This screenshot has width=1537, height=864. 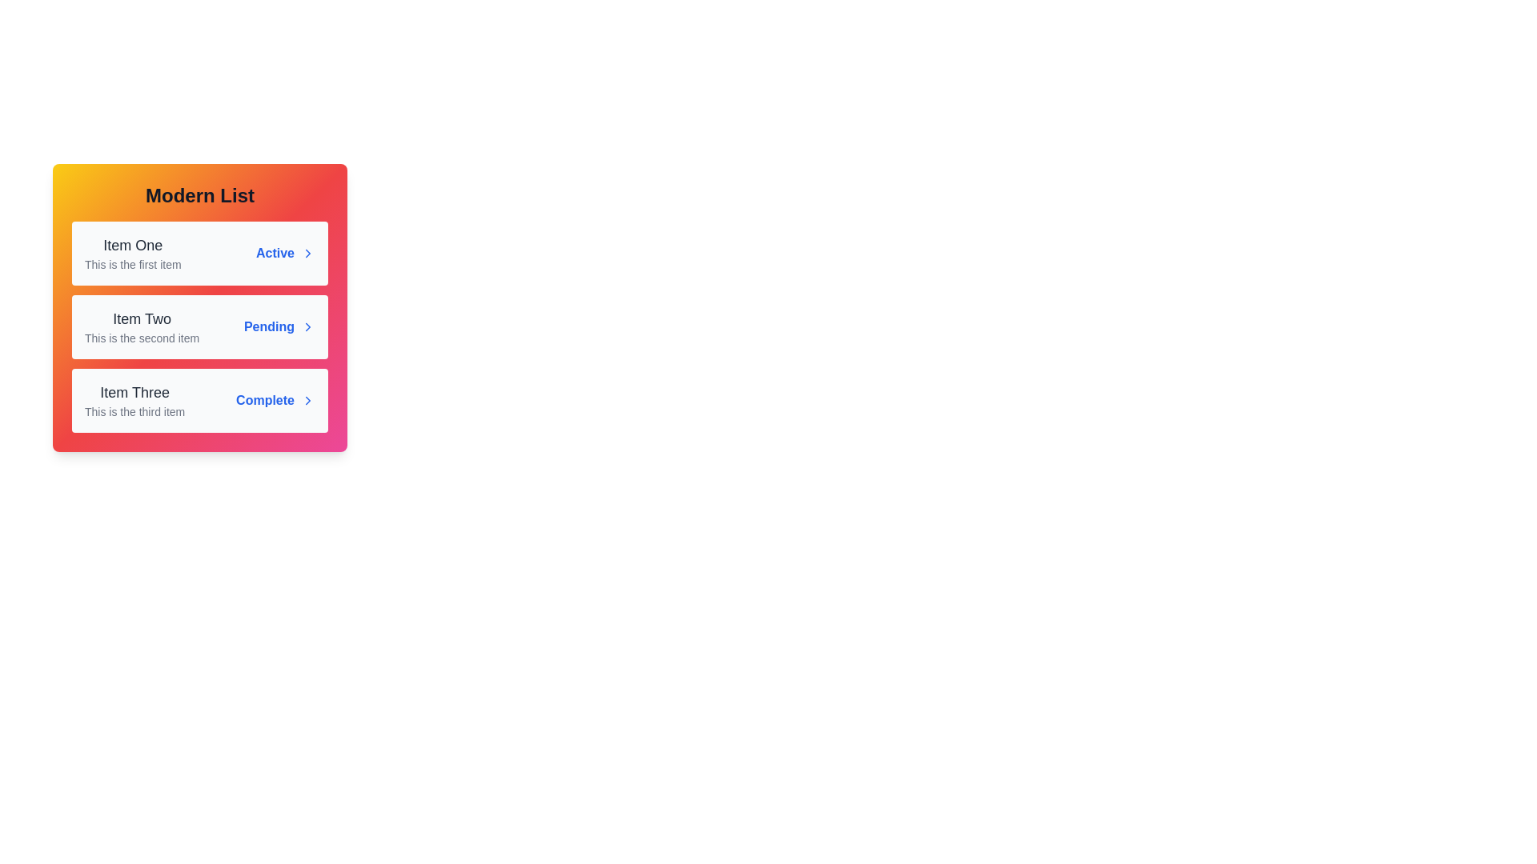 I want to click on the list item Item Two to observe the hover effect, so click(x=199, y=326).